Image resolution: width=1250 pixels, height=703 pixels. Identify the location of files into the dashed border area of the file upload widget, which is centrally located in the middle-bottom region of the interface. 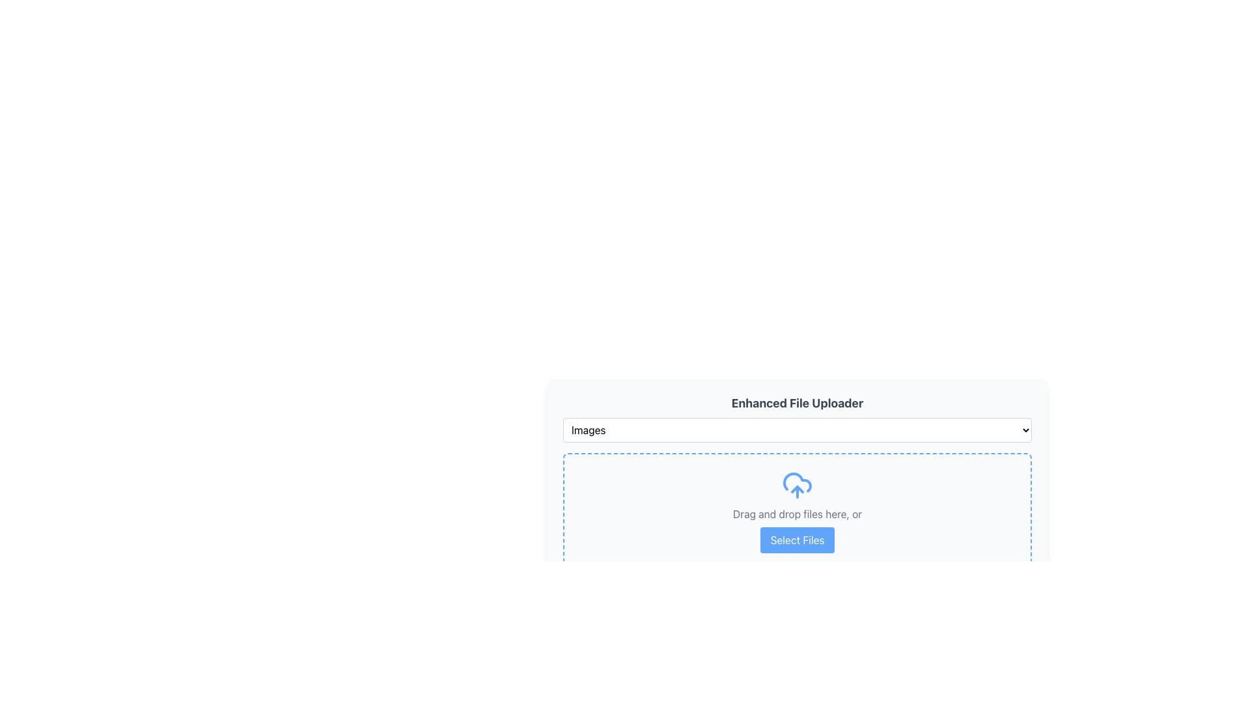
(796, 461).